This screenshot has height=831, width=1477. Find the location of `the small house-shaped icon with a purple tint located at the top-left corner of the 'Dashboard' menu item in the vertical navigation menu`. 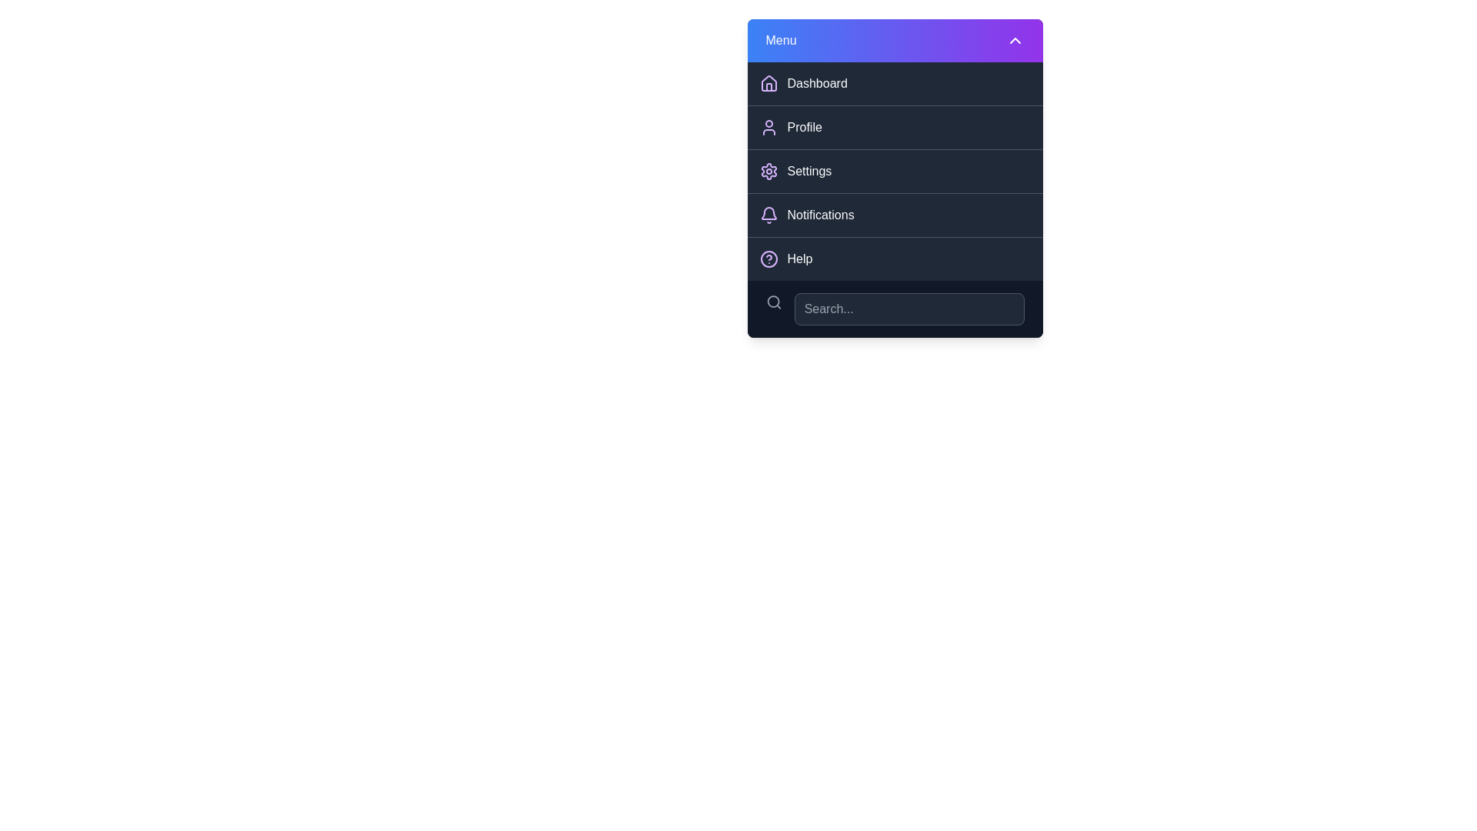

the small house-shaped icon with a purple tint located at the top-left corner of the 'Dashboard' menu item in the vertical navigation menu is located at coordinates (769, 83).